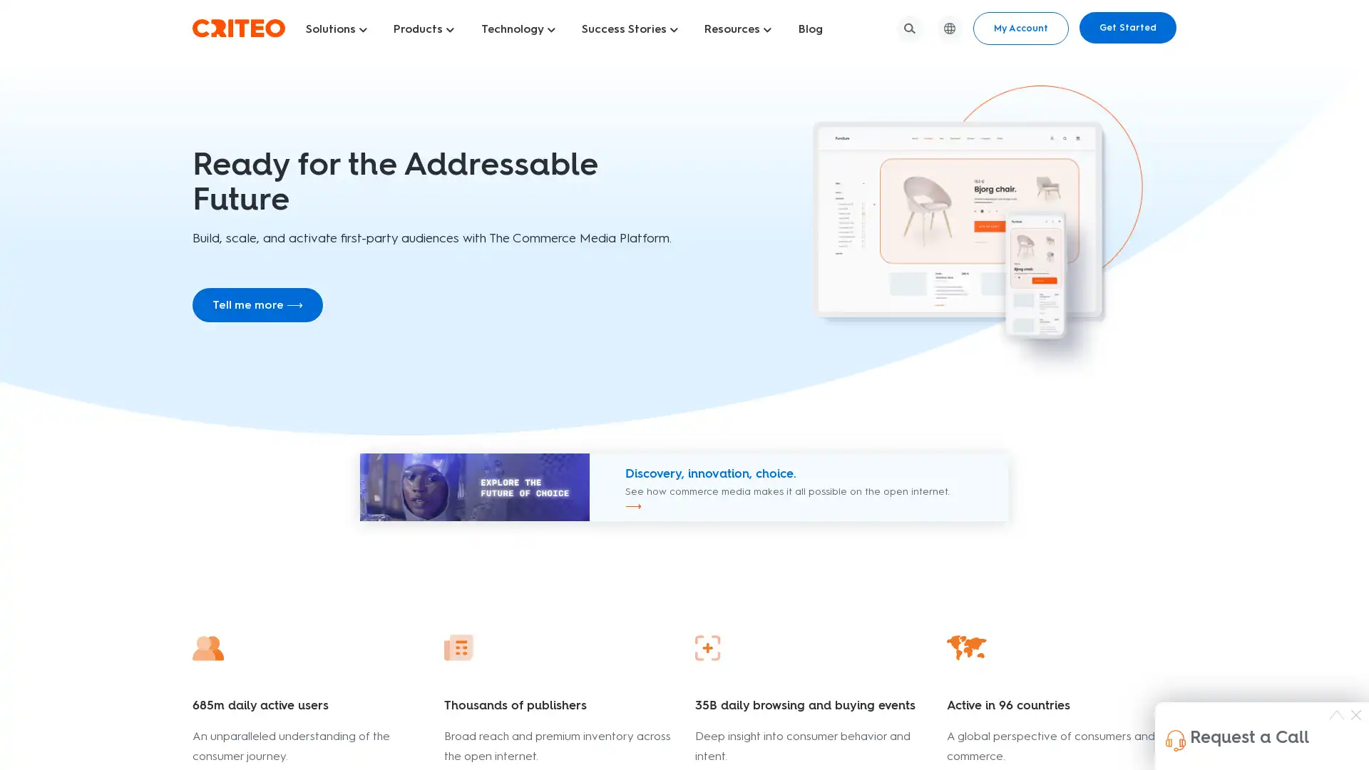 The image size is (1369, 770). Describe the element at coordinates (909, 27) in the screenshot. I see `search` at that location.